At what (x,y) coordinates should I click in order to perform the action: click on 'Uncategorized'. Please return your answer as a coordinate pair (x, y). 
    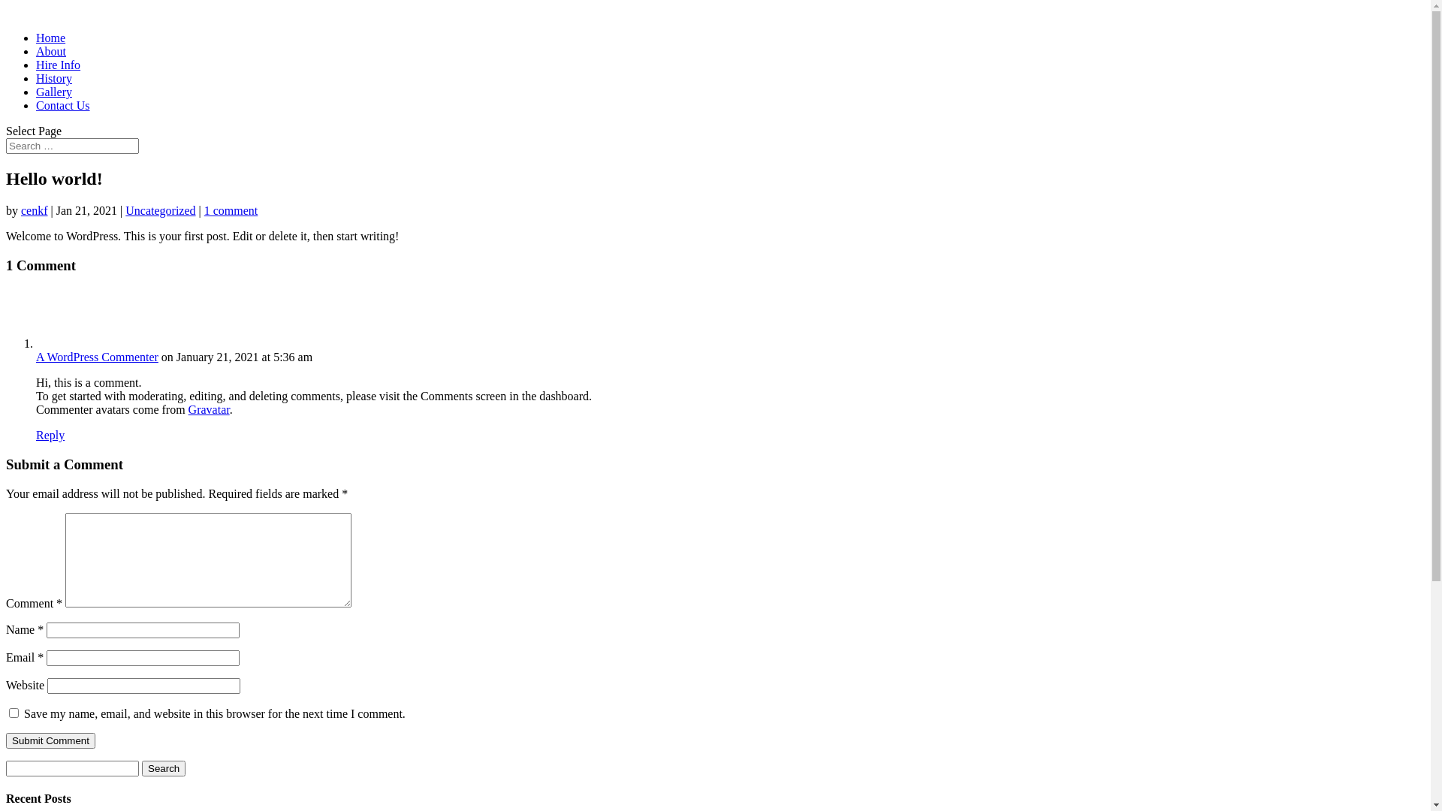
    Looking at the image, I should click on (160, 210).